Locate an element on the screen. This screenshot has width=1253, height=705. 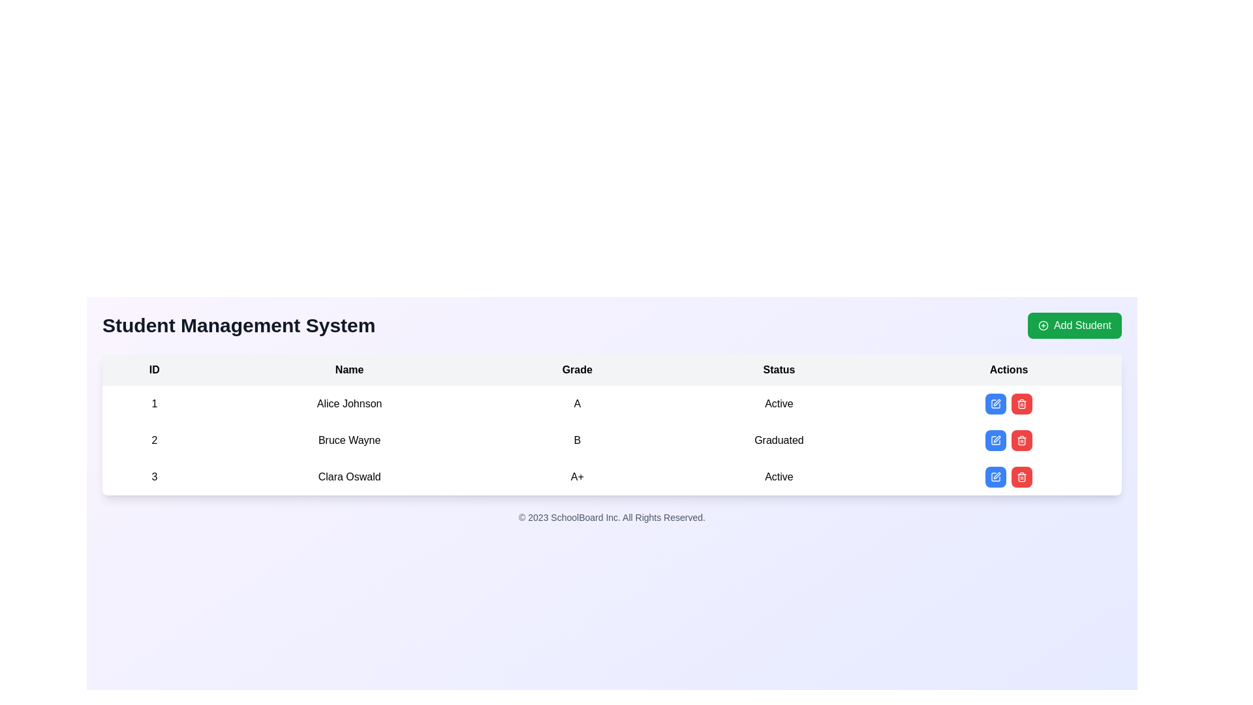
the edit button located in the second column under the 'Actions' section of the table for the first row associated with 'Alice Johnson' to initiate the editing of the data is located at coordinates (995, 403).